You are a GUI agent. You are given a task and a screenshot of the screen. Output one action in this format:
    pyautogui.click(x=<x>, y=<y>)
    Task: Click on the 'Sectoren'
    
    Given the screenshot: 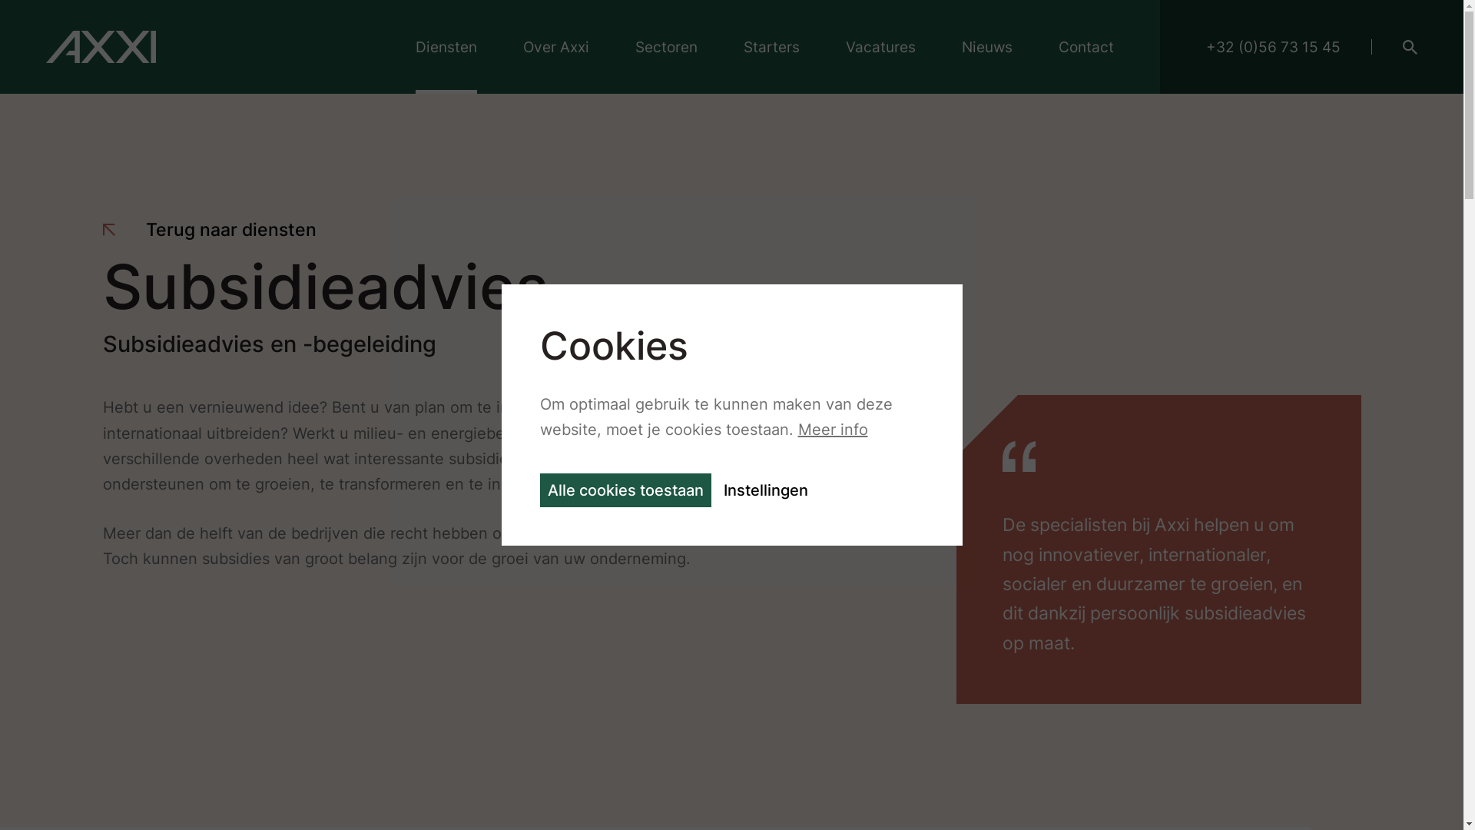 What is the action you would take?
    pyautogui.click(x=666, y=46)
    